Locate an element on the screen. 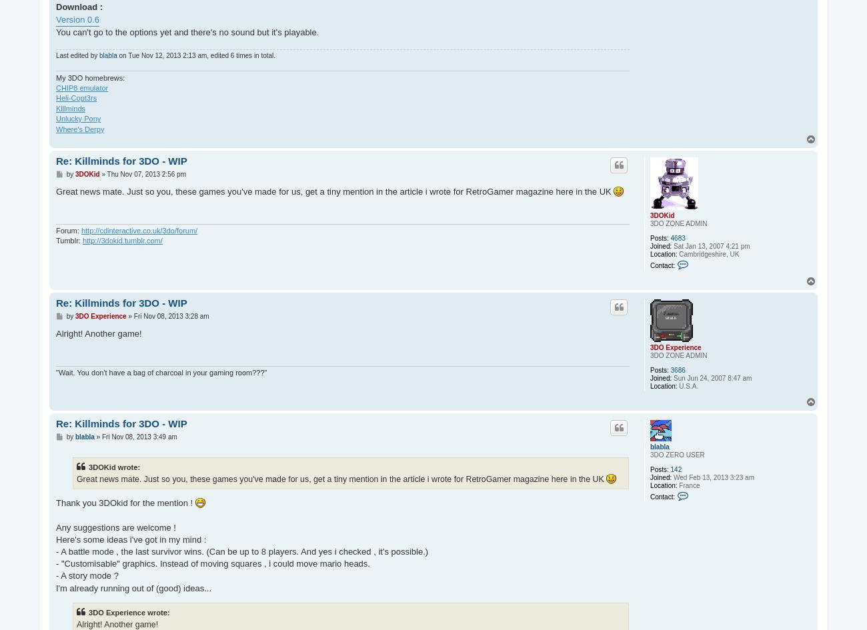  'Download :' is located at coordinates (55, 7).